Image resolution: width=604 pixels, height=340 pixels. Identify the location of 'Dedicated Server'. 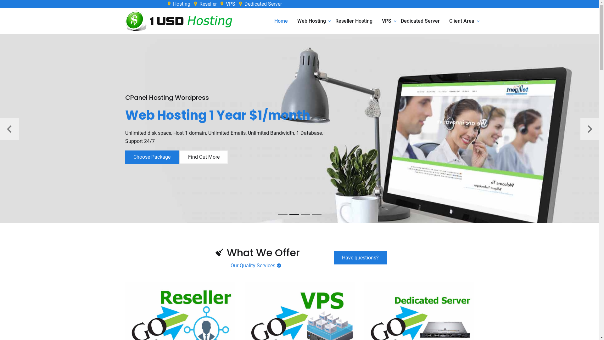
(420, 20).